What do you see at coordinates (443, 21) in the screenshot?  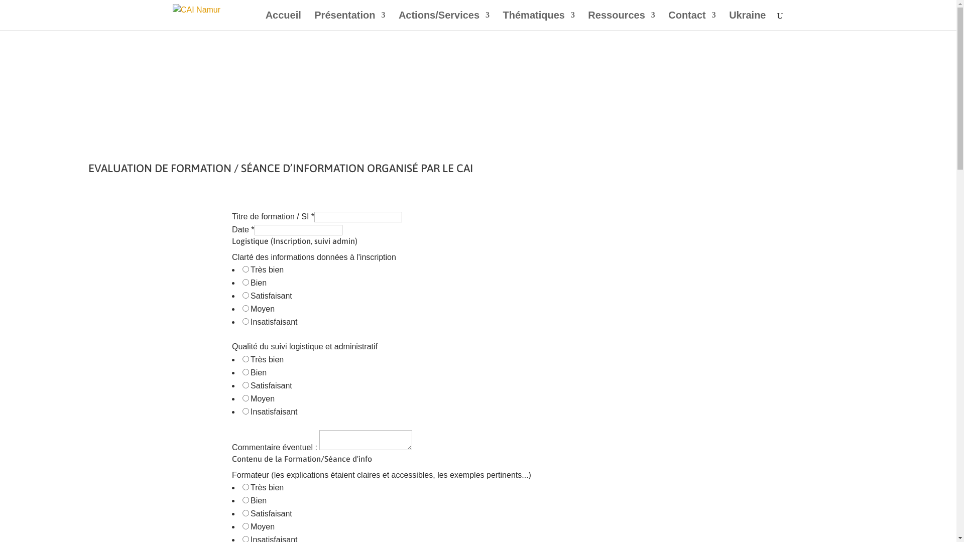 I see `'Actions/Services'` at bounding box center [443, 21].